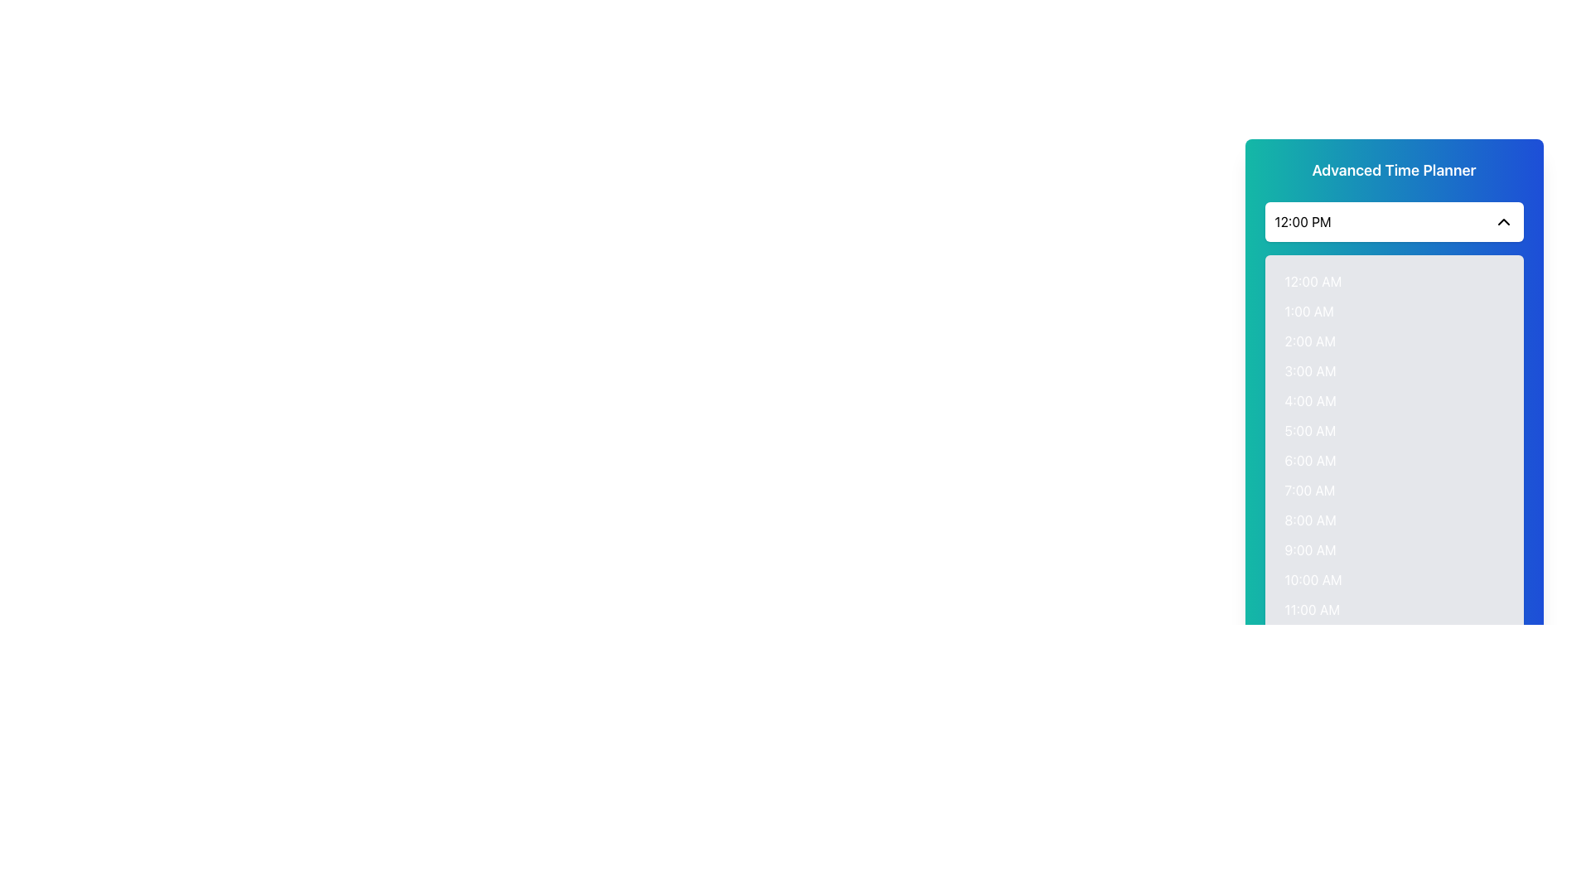  Describe the element at coordinates (1393, 370) in the screenshot. I see `the selectable time slot button located in the dropdown list under 'Advanced Time Planner', which is the fourth item` at that location.